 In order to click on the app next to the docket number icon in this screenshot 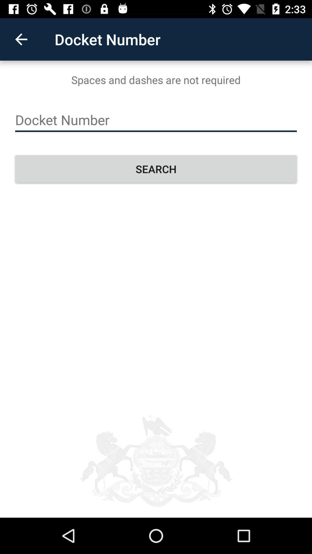, I will do `click(21, 39)`.